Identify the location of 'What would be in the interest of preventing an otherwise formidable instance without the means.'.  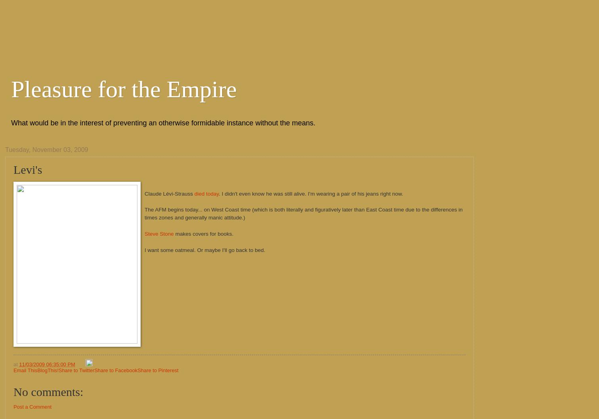
(11, 123).